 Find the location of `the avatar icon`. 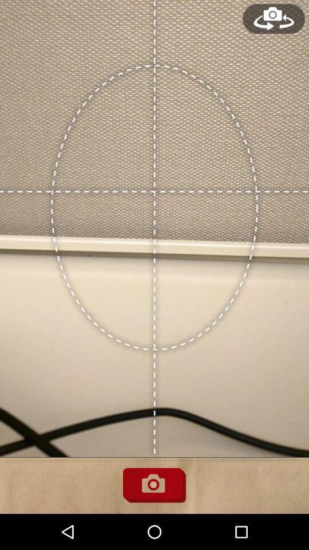

the avatar icon is located at coordinates (273, 19).